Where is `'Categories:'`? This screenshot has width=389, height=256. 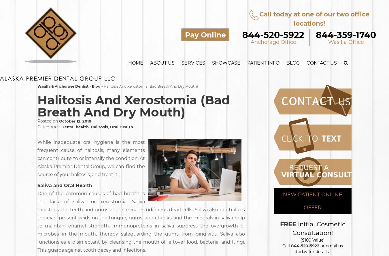 'Categories:' is located at coordinates (49, 127).